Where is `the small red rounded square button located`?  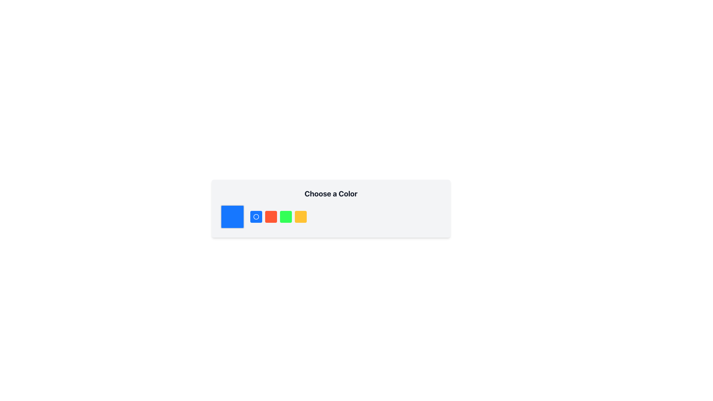
the small red rounded square button located is located at coordinates (270, 216).